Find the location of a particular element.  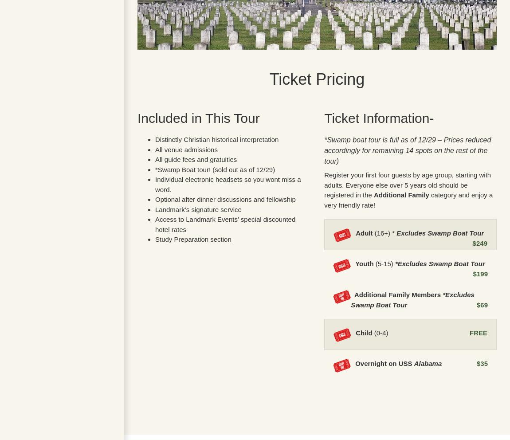

'Additional Family' is located at coordinates (401, 194).